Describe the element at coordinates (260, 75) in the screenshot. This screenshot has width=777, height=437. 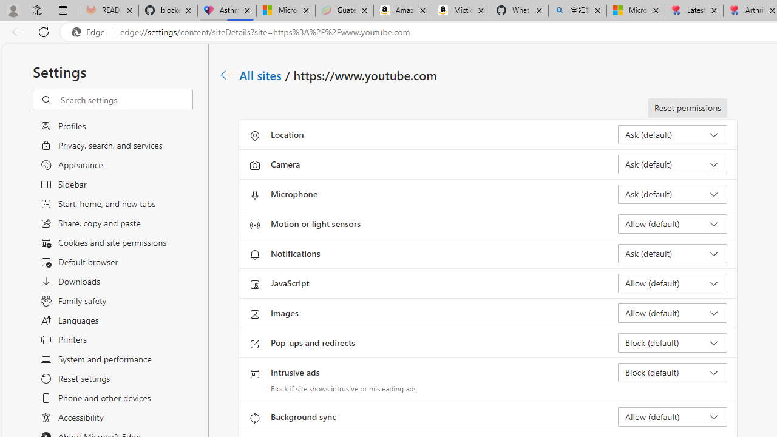
I see `'All sites'` at that location.